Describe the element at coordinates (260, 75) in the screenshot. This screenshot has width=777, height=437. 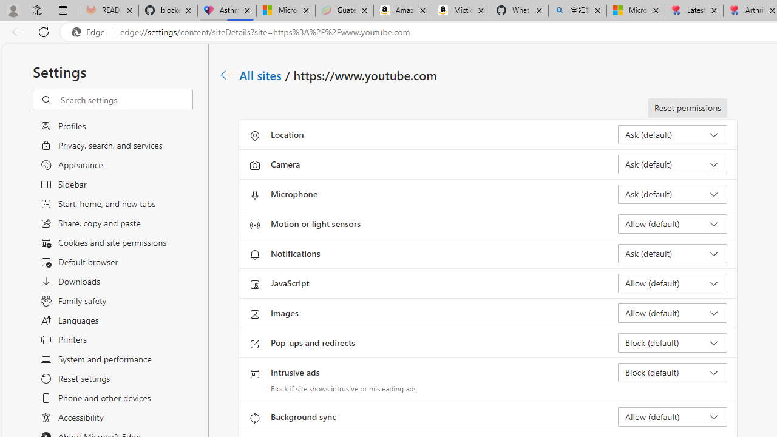
I see `'All sites'` at that location.